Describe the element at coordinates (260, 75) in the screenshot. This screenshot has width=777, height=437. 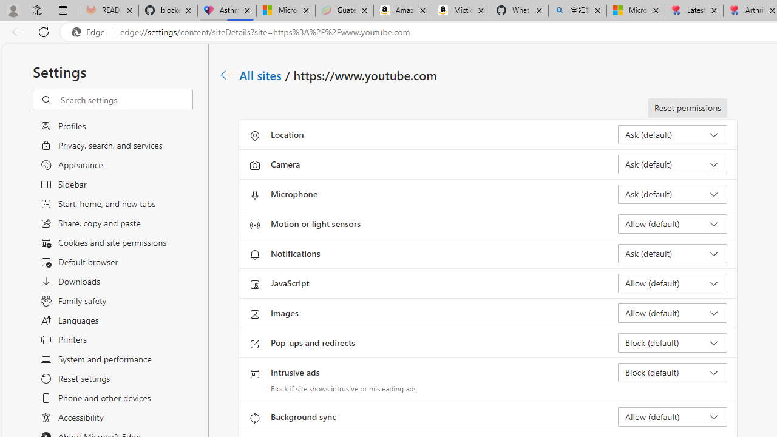
I see `'All sites'` at that location.